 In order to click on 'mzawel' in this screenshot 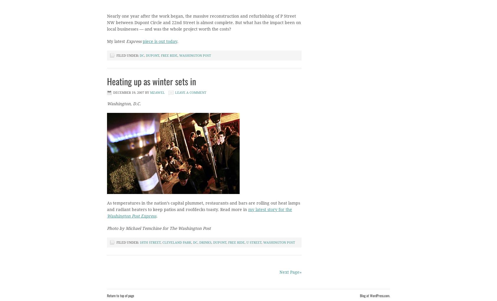, I will do `click(150, 92)`.